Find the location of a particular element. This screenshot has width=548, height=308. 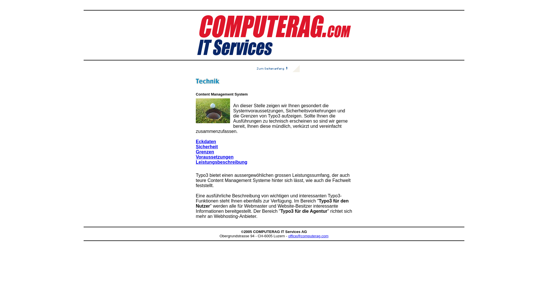

'office@computerag.com' is located at coordinates (308, 236).